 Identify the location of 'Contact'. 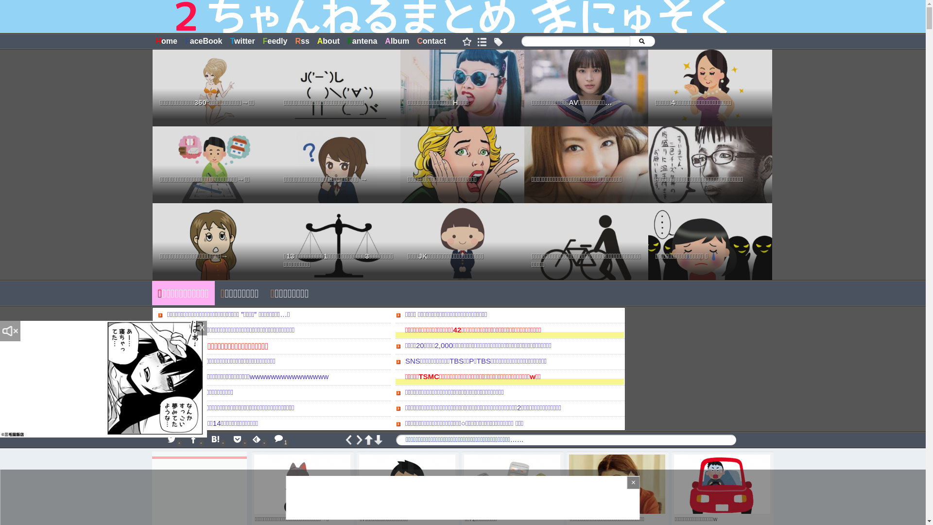
(431, 40).